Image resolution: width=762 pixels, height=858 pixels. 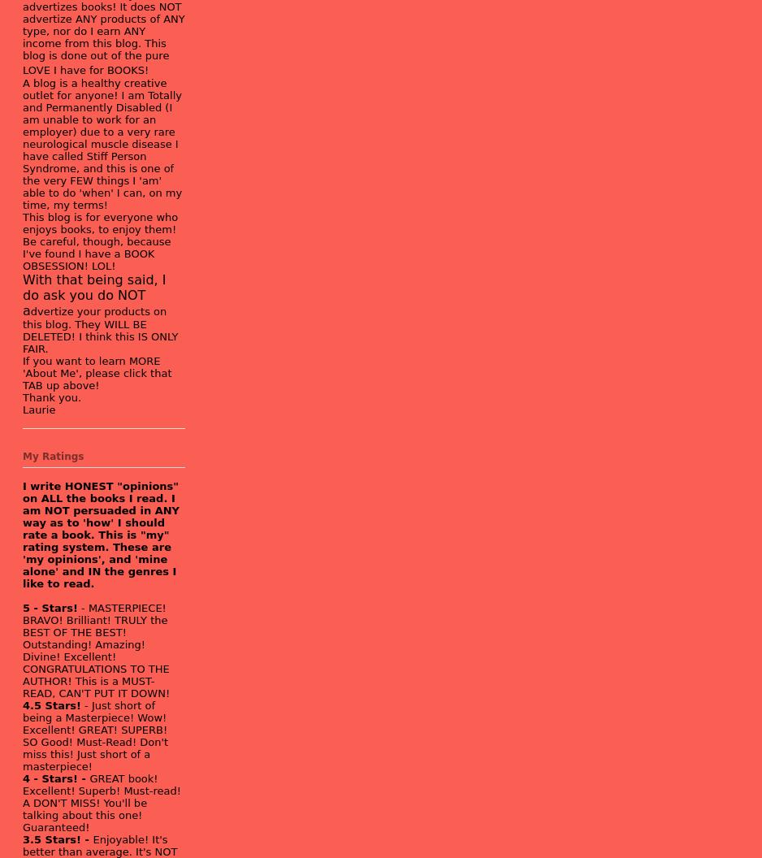 I want to click on 'Wow! Excellent! GREAT! SUPERB! SO Good! Must-Read! Don't miss this! Just short of a masterpiece!', so click(x=94, y=740).